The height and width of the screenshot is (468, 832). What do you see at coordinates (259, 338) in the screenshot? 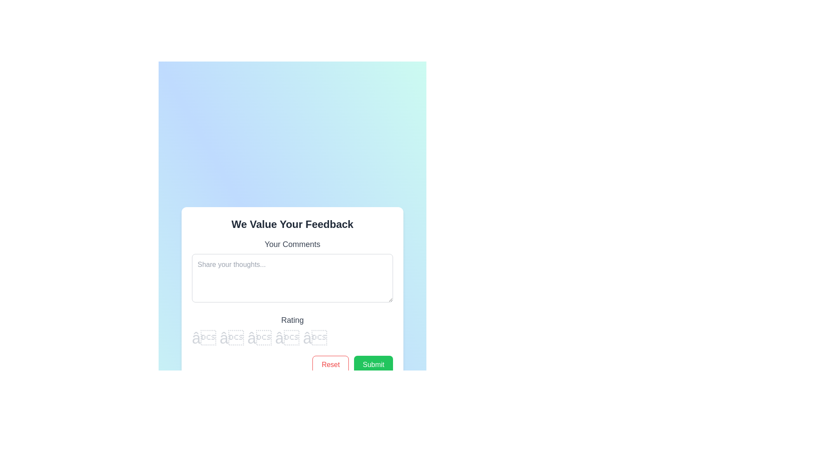
I see `the third star in the row of five rating stars` at bounding box center [259, 338].